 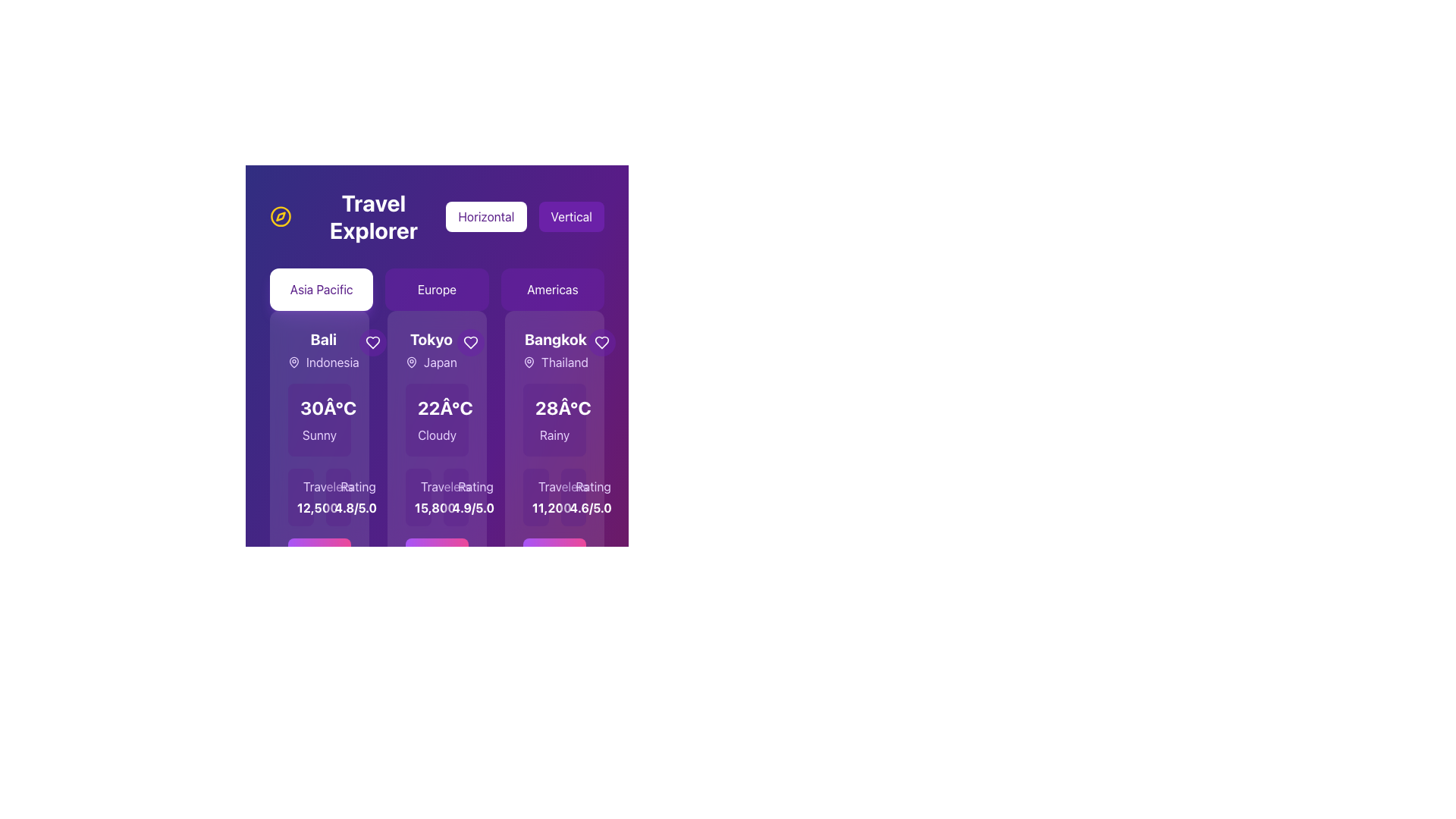 I want to click on the text label displaying '22°C' in the second card representing Tokyo, Japan, located under the 'Europe' tab in the 'Travel Explorer' section, so click(x=444, y=406).